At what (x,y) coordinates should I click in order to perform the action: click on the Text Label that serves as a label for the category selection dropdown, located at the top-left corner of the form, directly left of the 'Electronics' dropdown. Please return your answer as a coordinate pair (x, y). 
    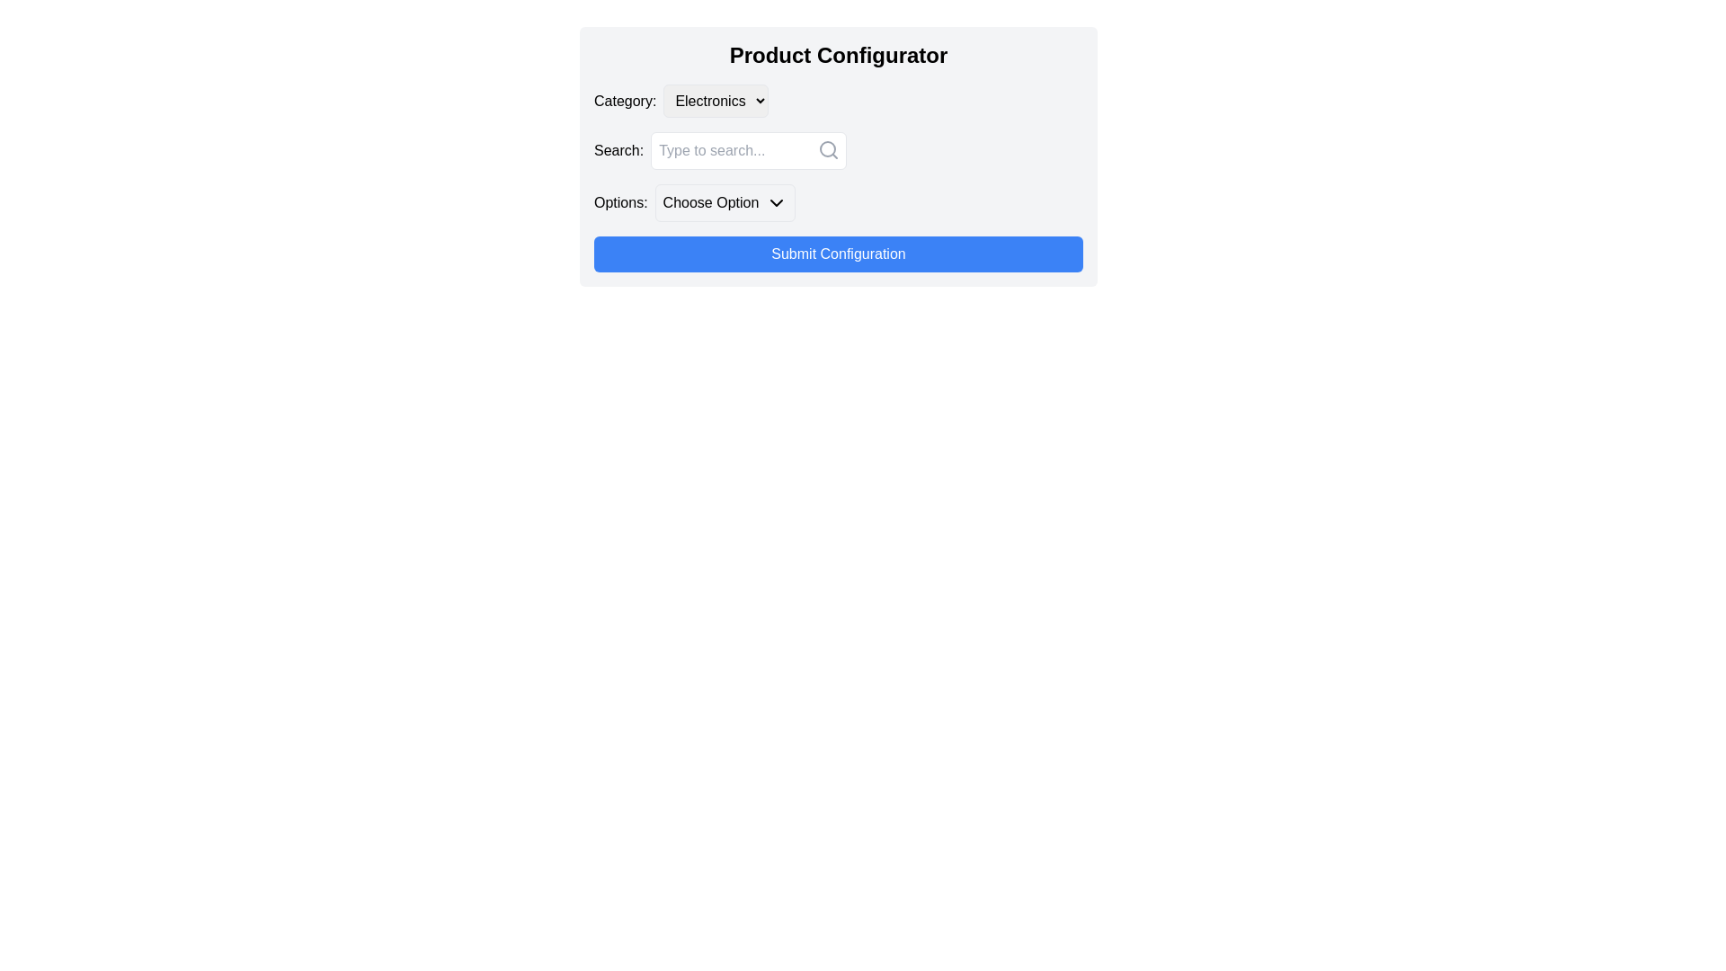
    Looking at the image, I should click on (625, 101).